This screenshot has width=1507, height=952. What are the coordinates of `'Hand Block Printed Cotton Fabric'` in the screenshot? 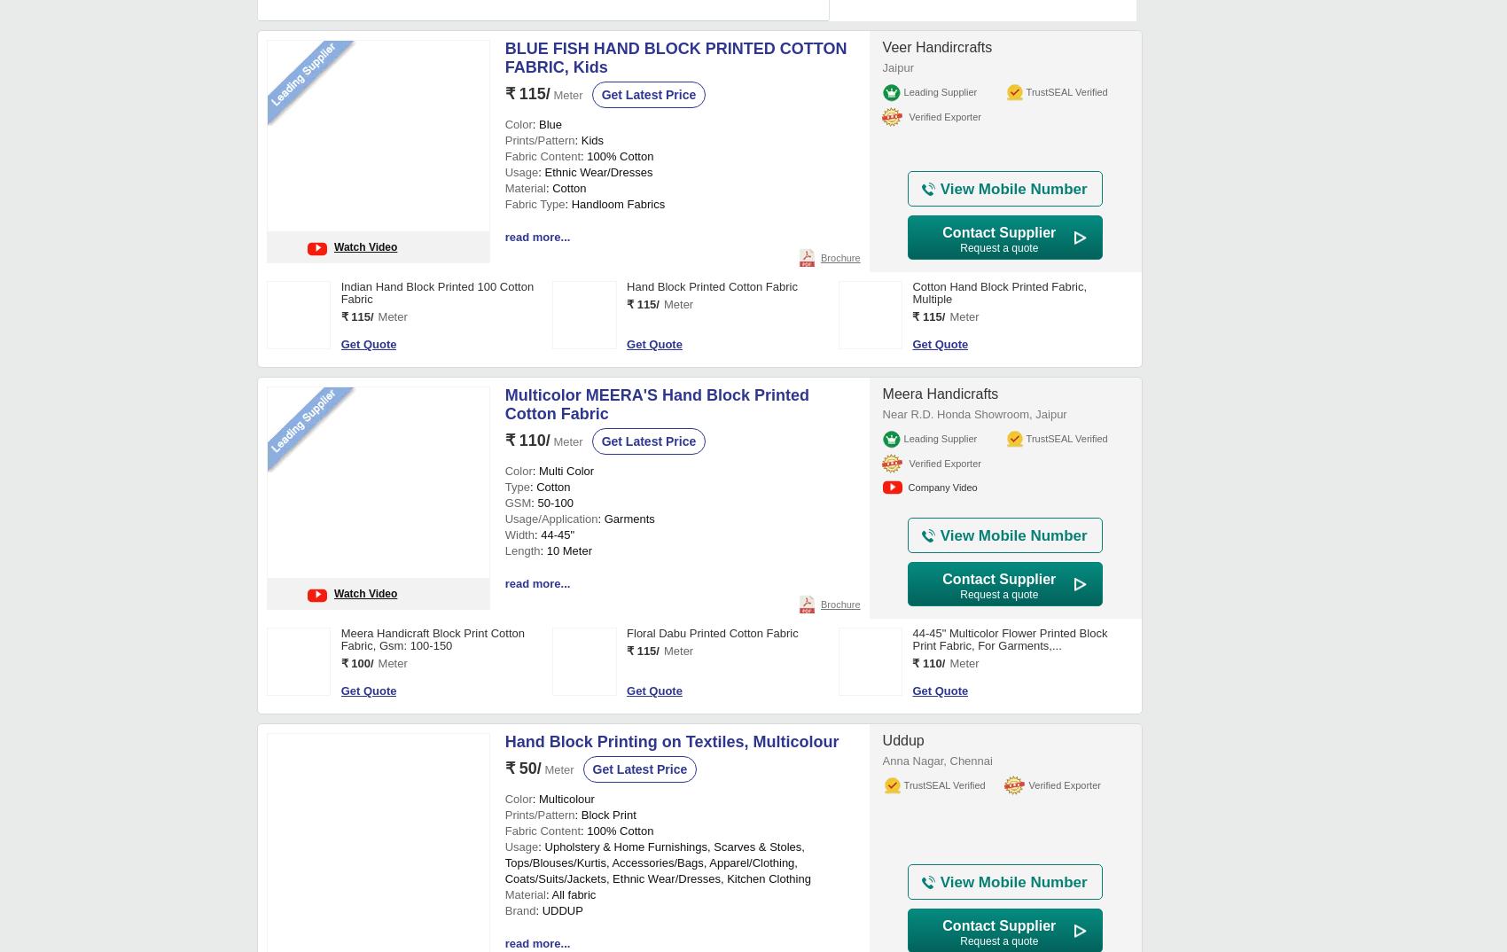 It's located at (627, 285).